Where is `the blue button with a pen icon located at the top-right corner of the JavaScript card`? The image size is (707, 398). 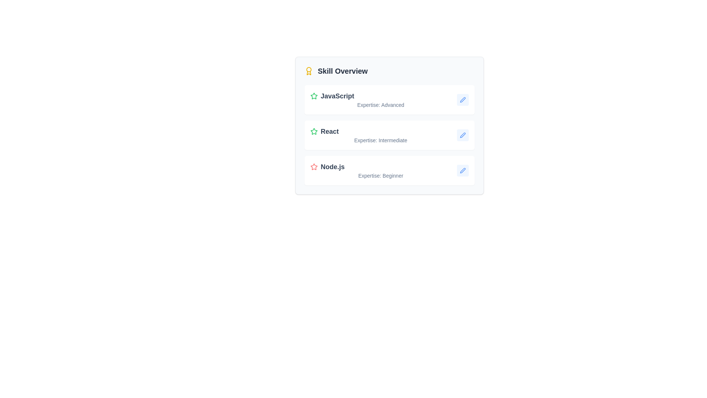
the blue button with a pen icon located at the top-right corner of the JavaScript card is located at coordinates (462, 99).